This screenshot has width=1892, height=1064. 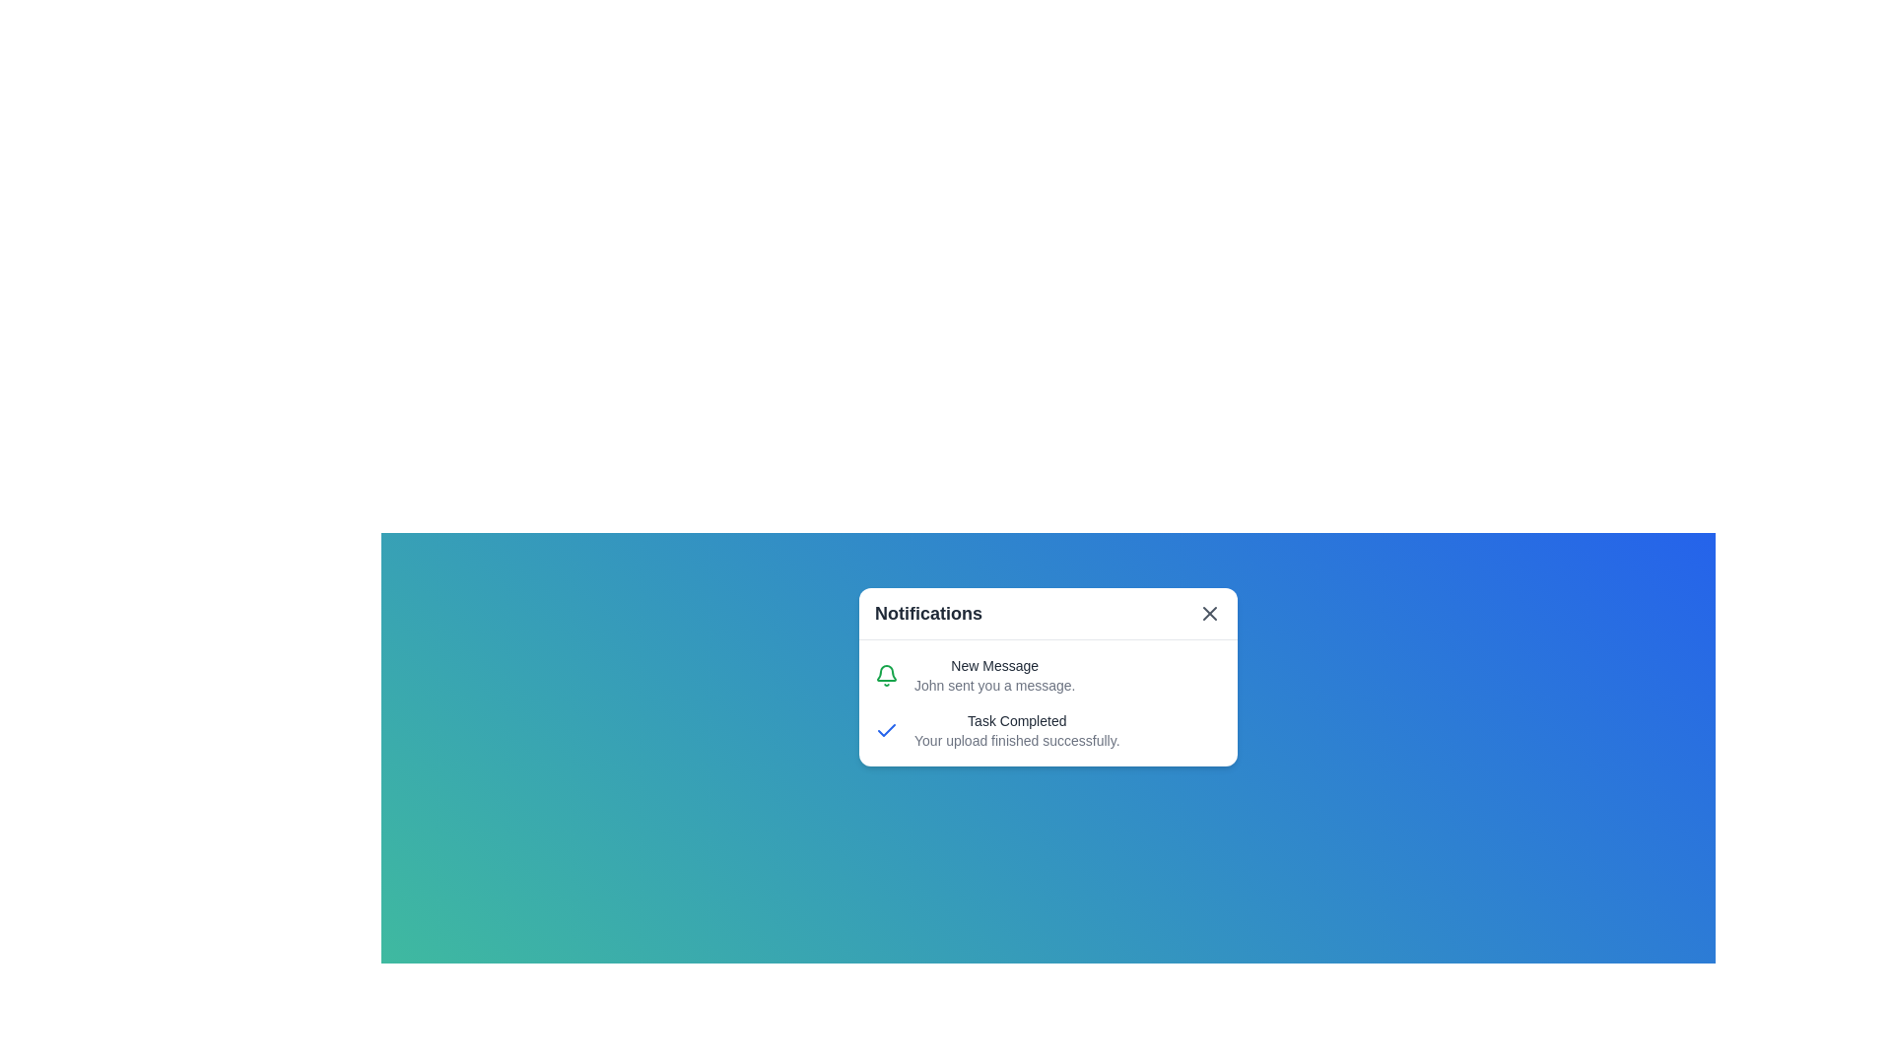 I want to click on the notification status by interacting with the bell icon styled with a green outline, located to the left of the 'New Message' section, so click(x=886, y=675).